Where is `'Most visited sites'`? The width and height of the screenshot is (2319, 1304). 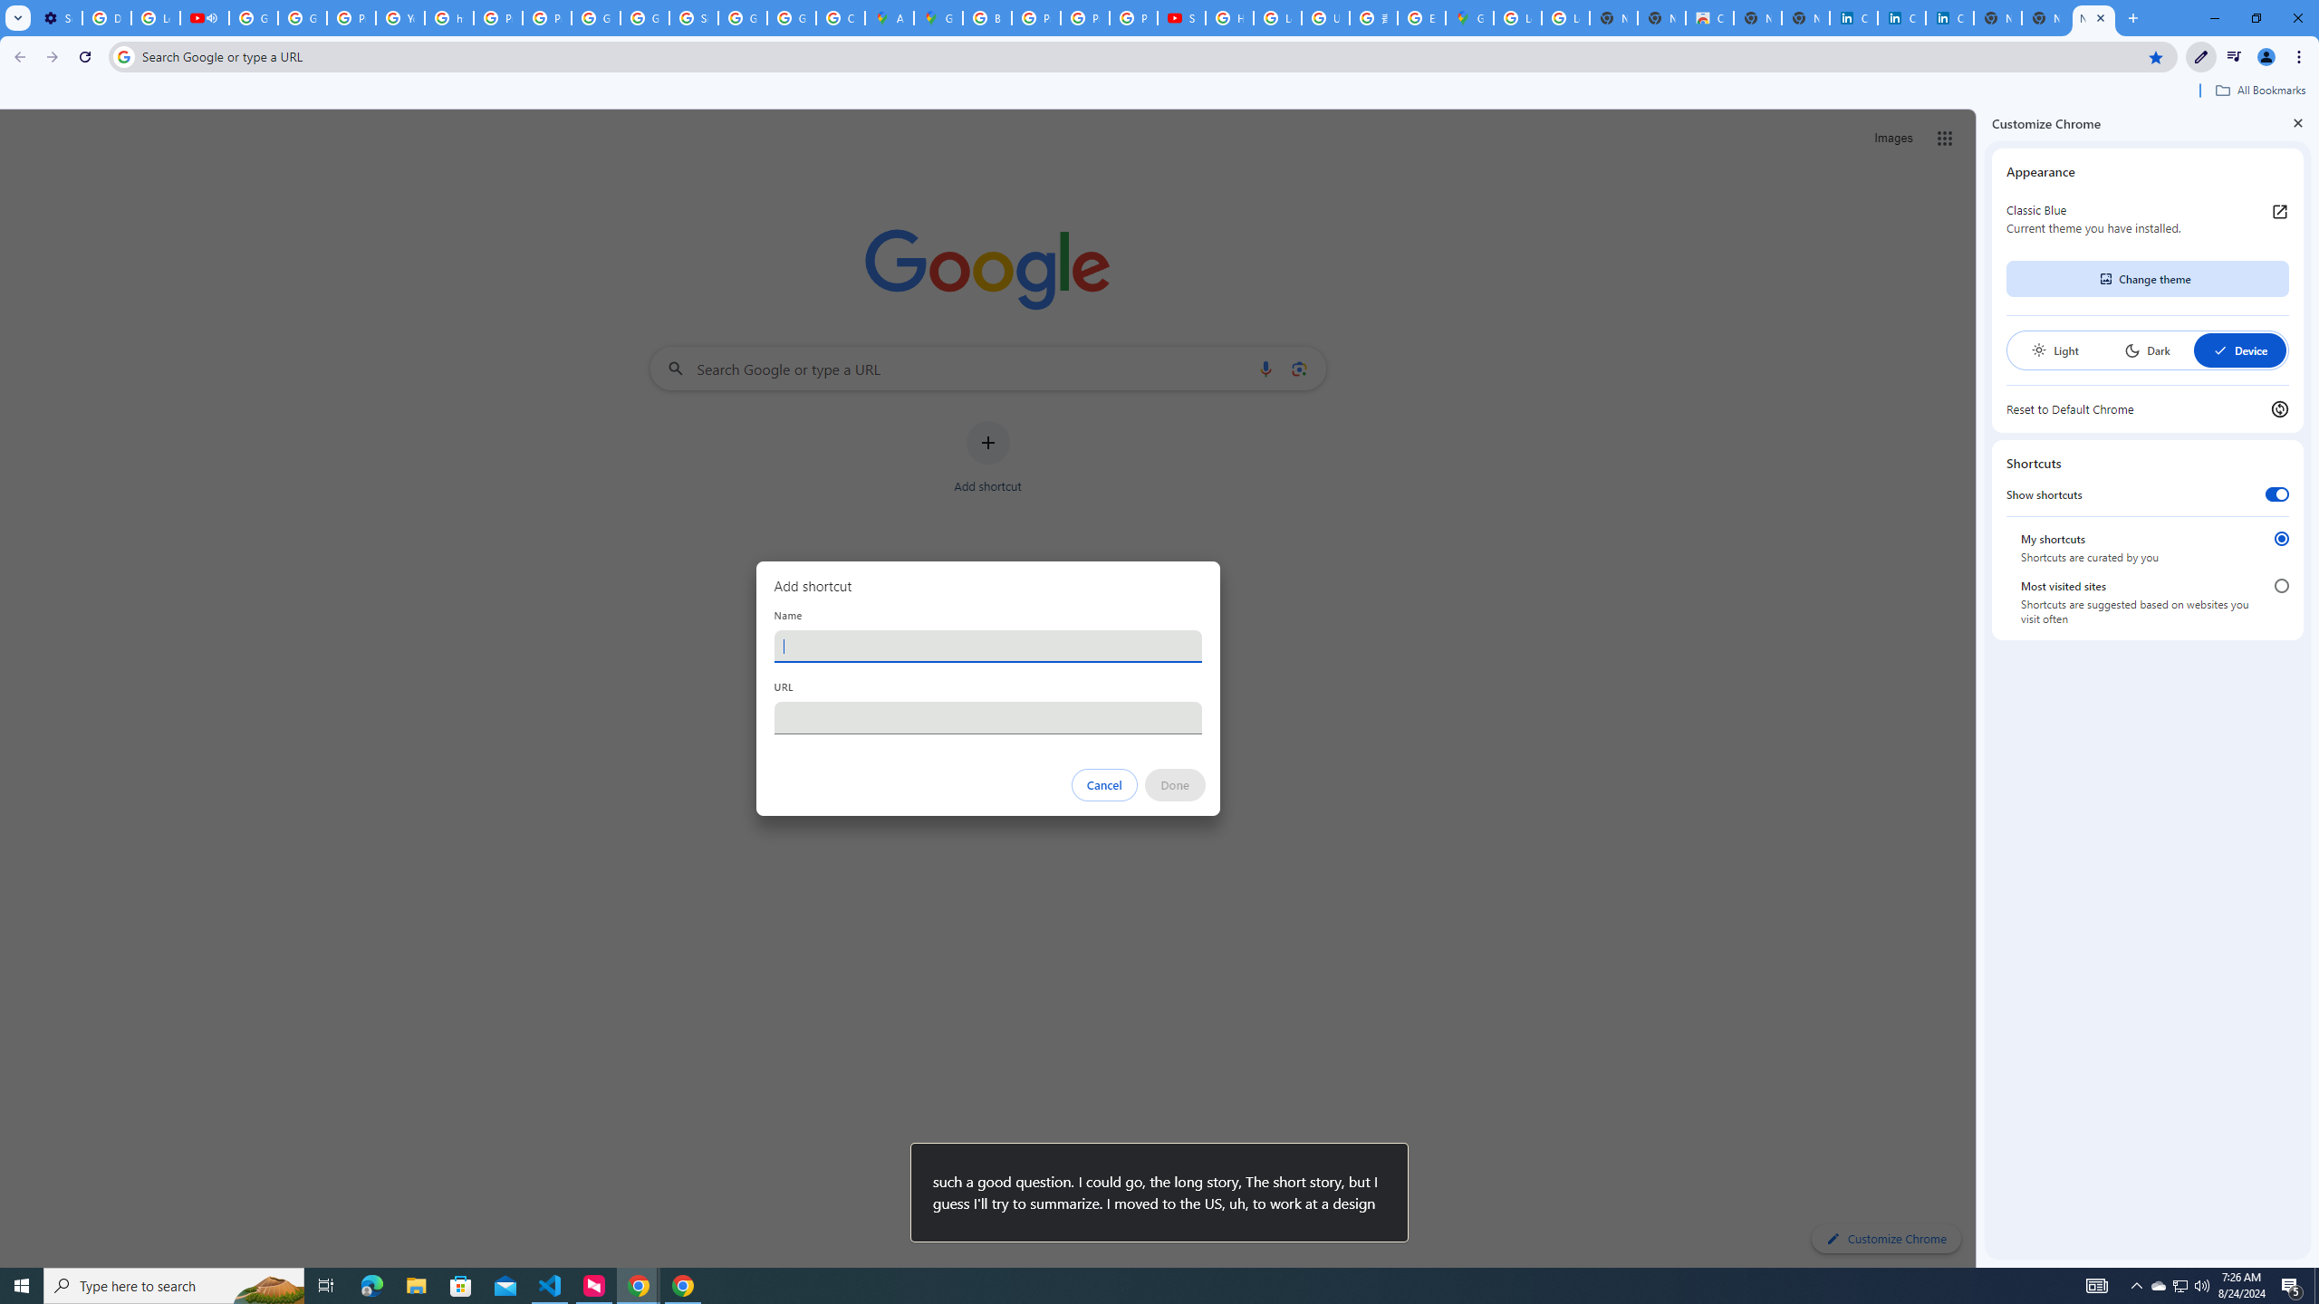
'Most visited sites' is located at coordinates (2282, 586).